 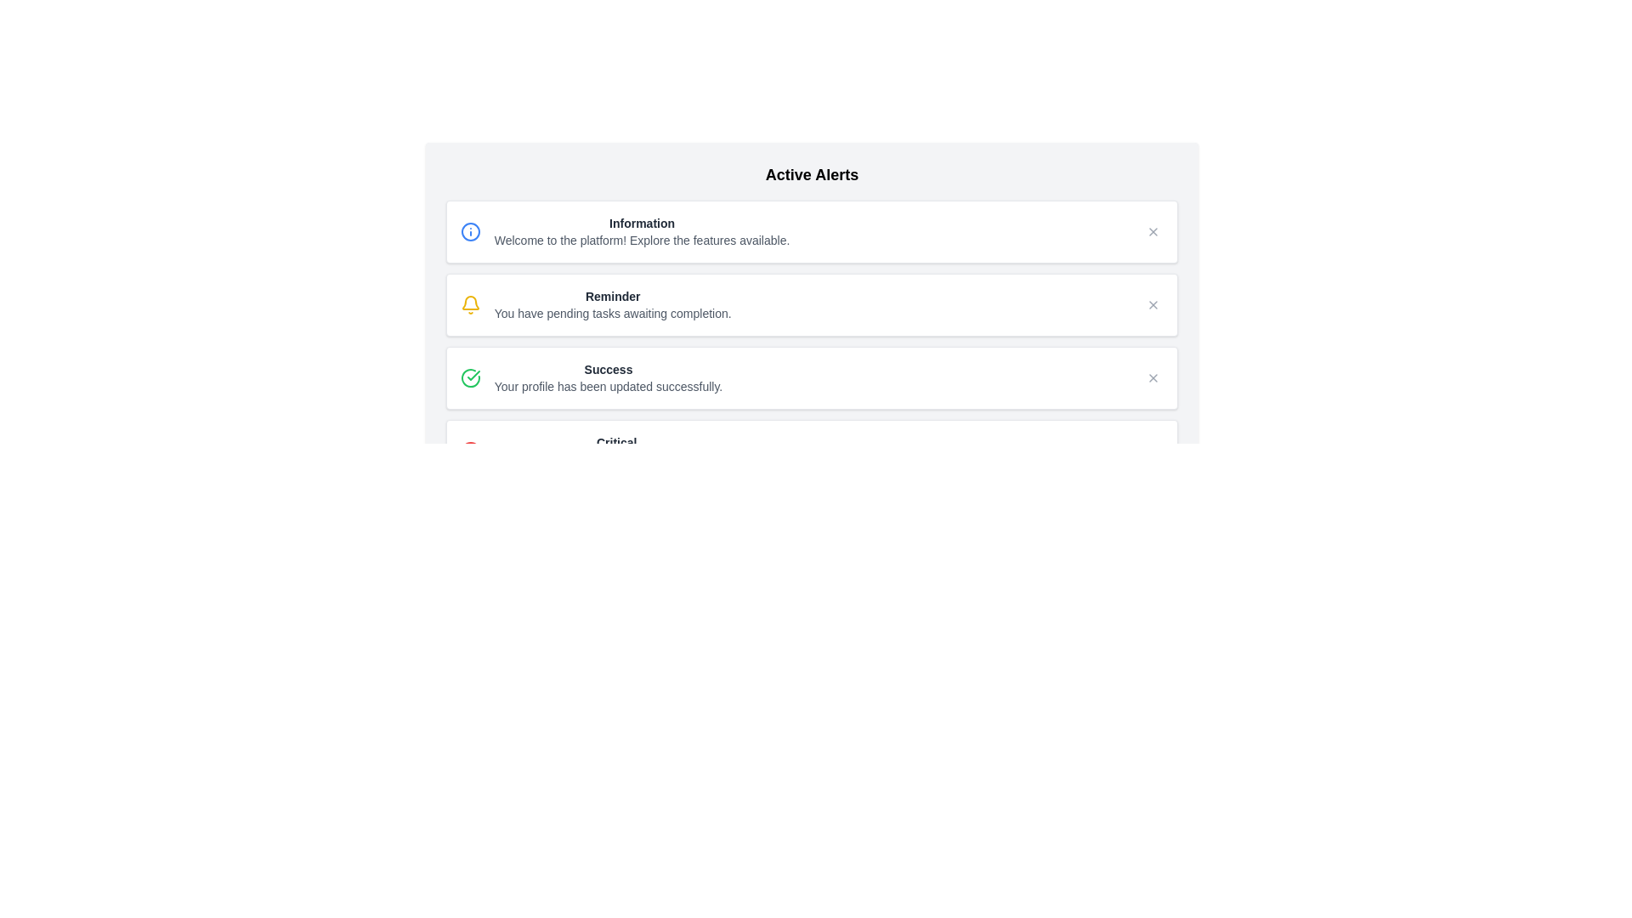 I want to click on text block component containing the header 'Information' and the body text 'Welcome to the platform! Explore the features available.' located in the uppermost alert card within the 'Active Alerts' section, so click(x=641, y=232).